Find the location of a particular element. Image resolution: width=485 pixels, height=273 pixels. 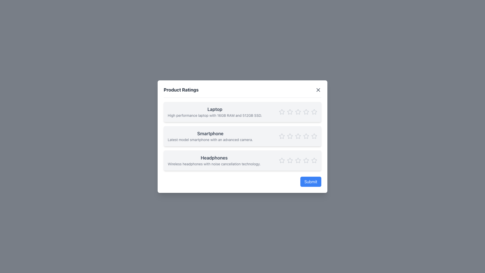

the unfilled star-shaped icon, which is the fourth in the rating row under the 'Smartphone' section is located at coordinates (298, 136).